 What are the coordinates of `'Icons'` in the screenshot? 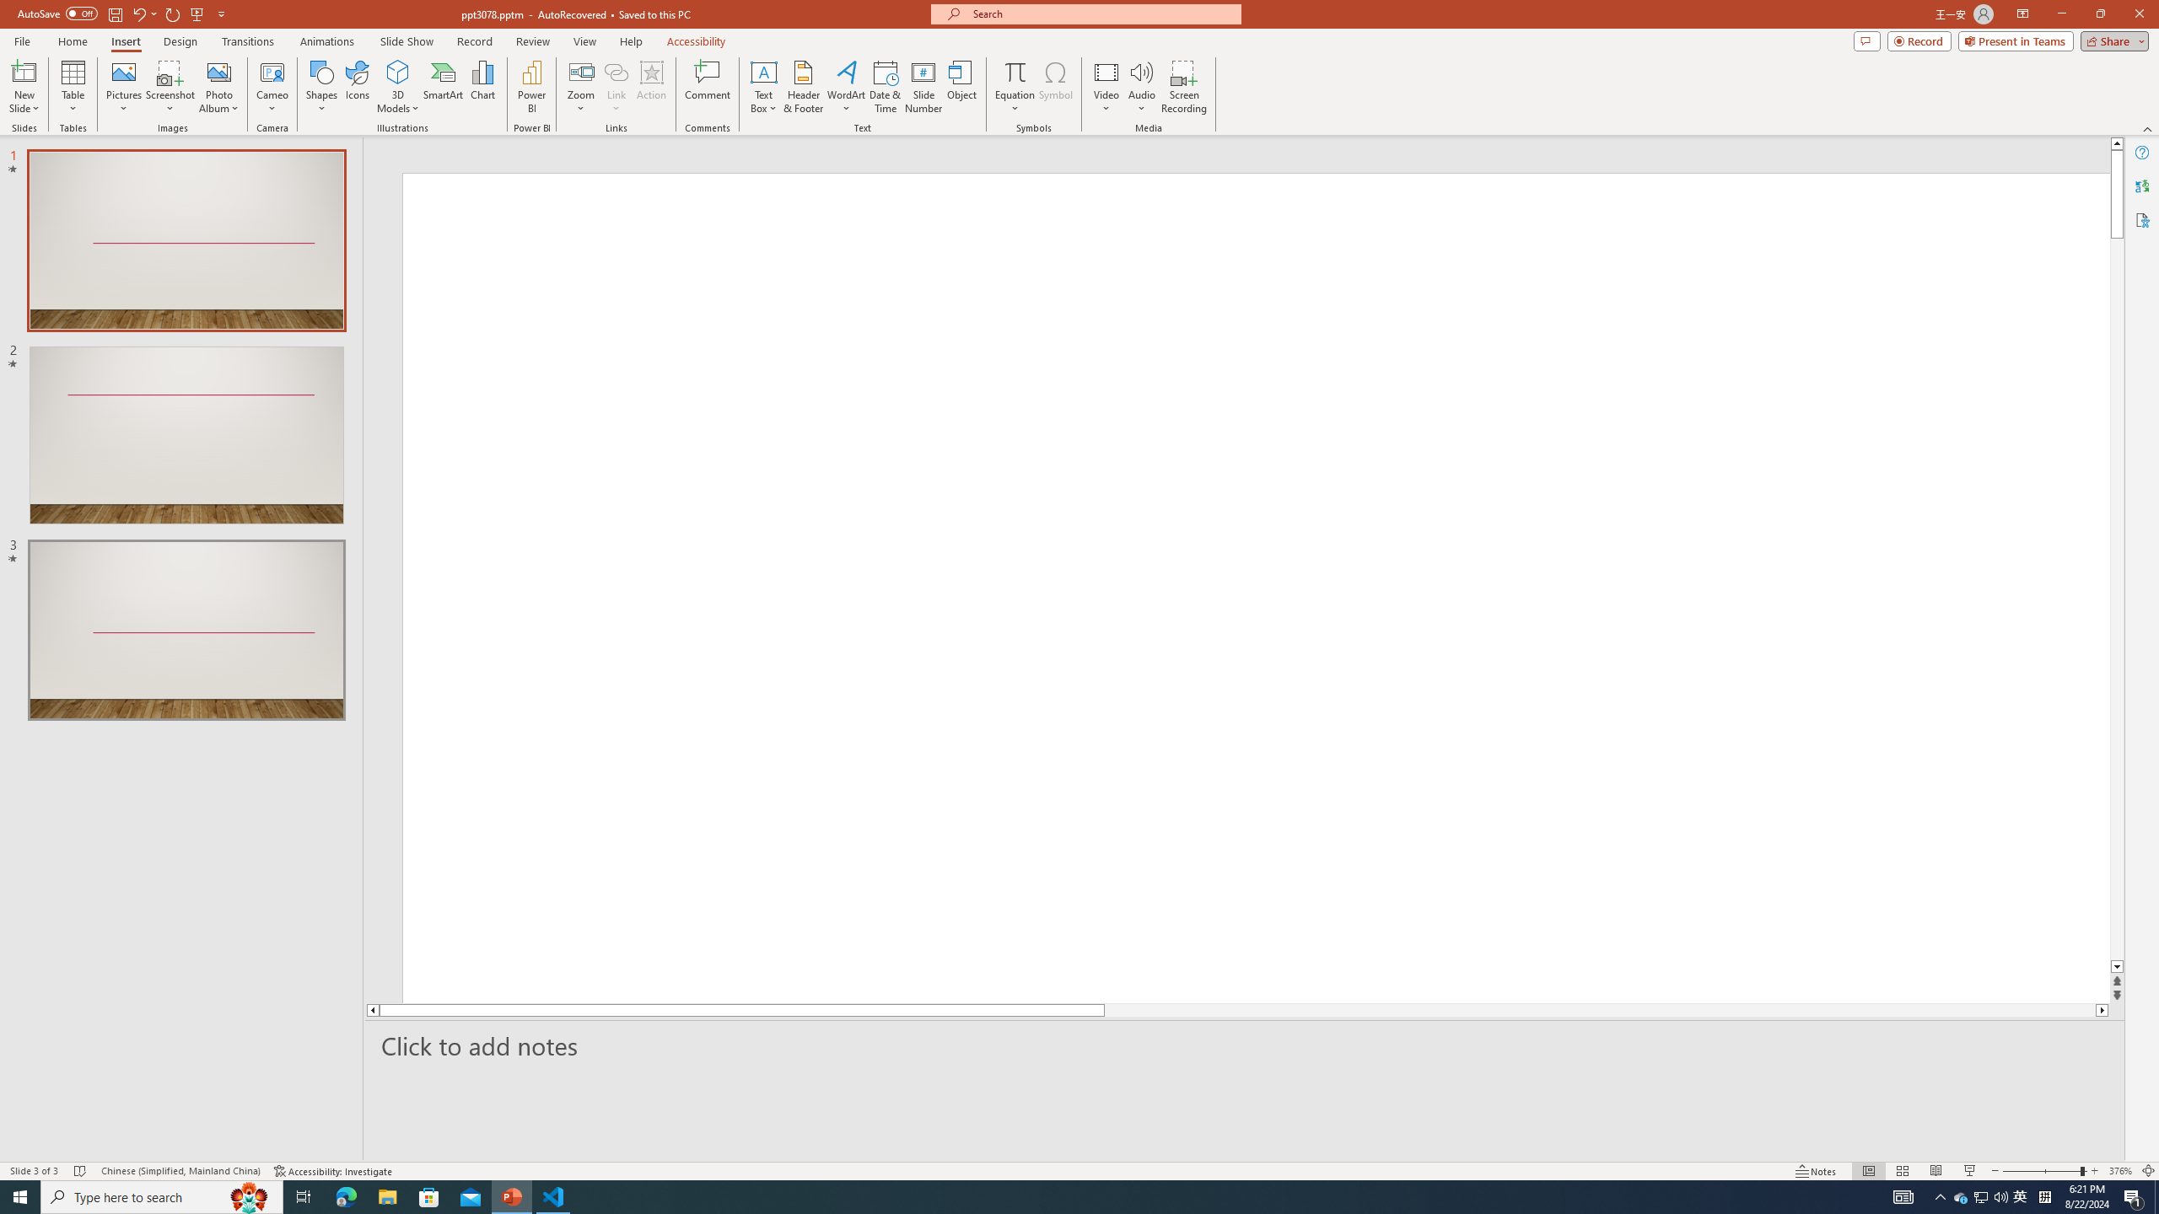 It's located at (357, 87).